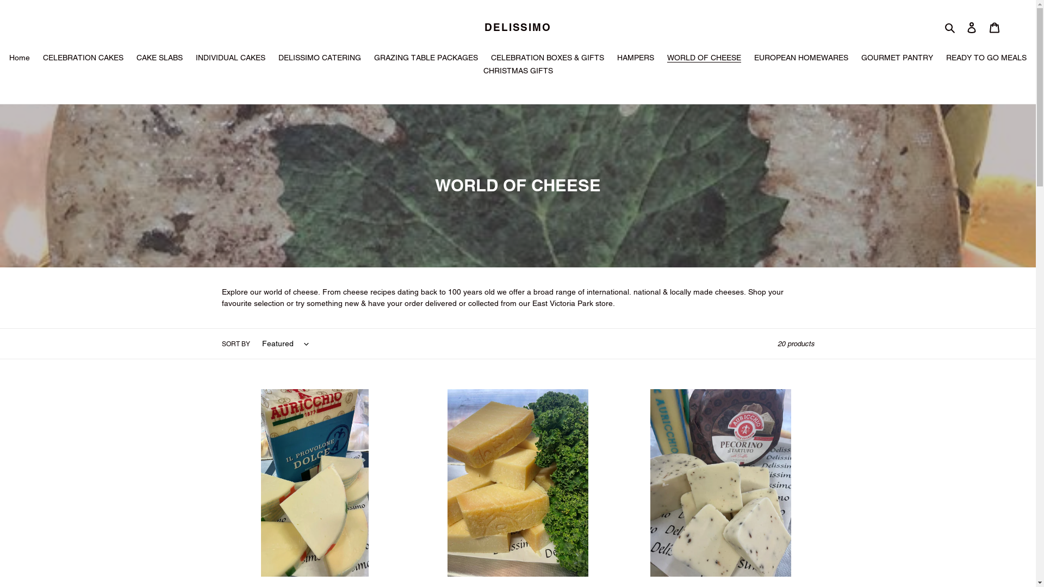 This screenshot has width=1044, height=587. What do you see at coordinates (425, 59) in the screenshot?
I see `'GRAZING TABLE PACKAGES'` at bounding box center [425, 59].